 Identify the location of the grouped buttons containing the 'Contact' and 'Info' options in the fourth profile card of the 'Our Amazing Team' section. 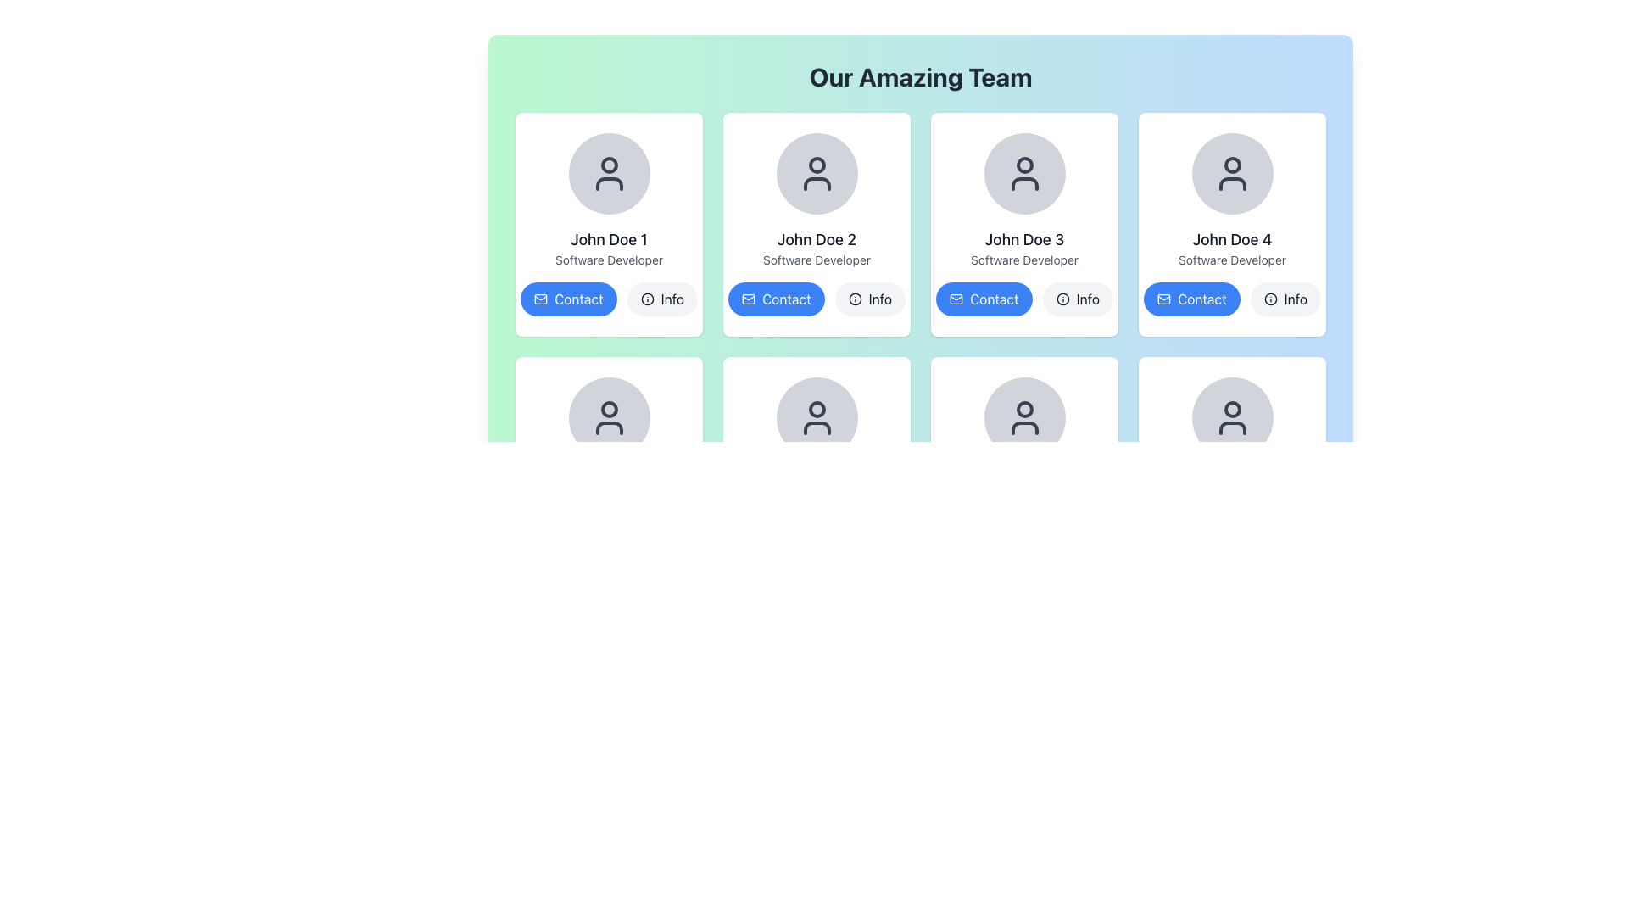
(1232, 299).